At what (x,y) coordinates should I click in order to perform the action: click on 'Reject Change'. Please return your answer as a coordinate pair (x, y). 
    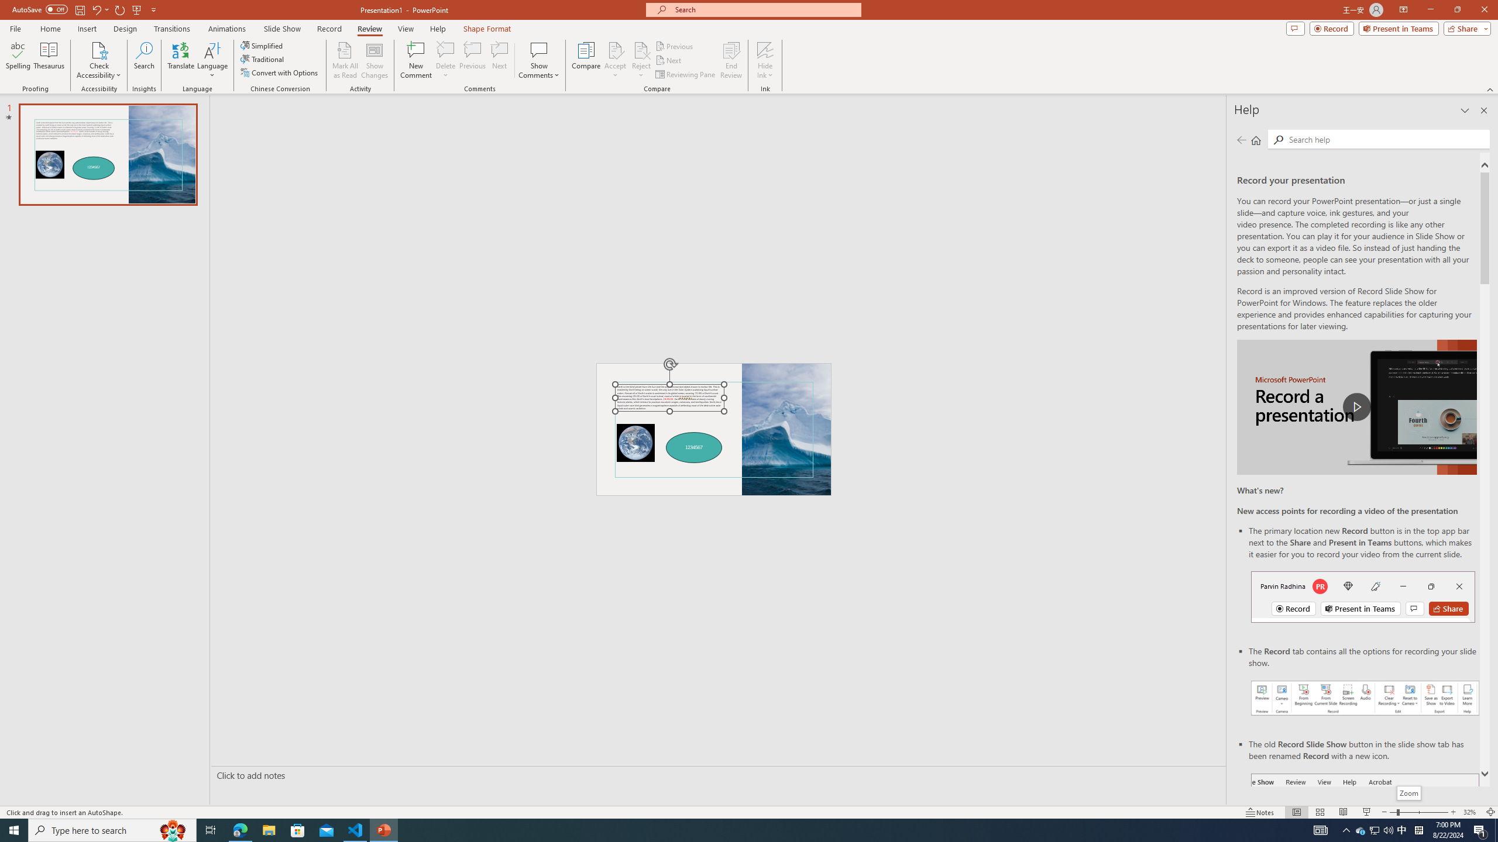
    Looking at the image, I should click on (640, 49).